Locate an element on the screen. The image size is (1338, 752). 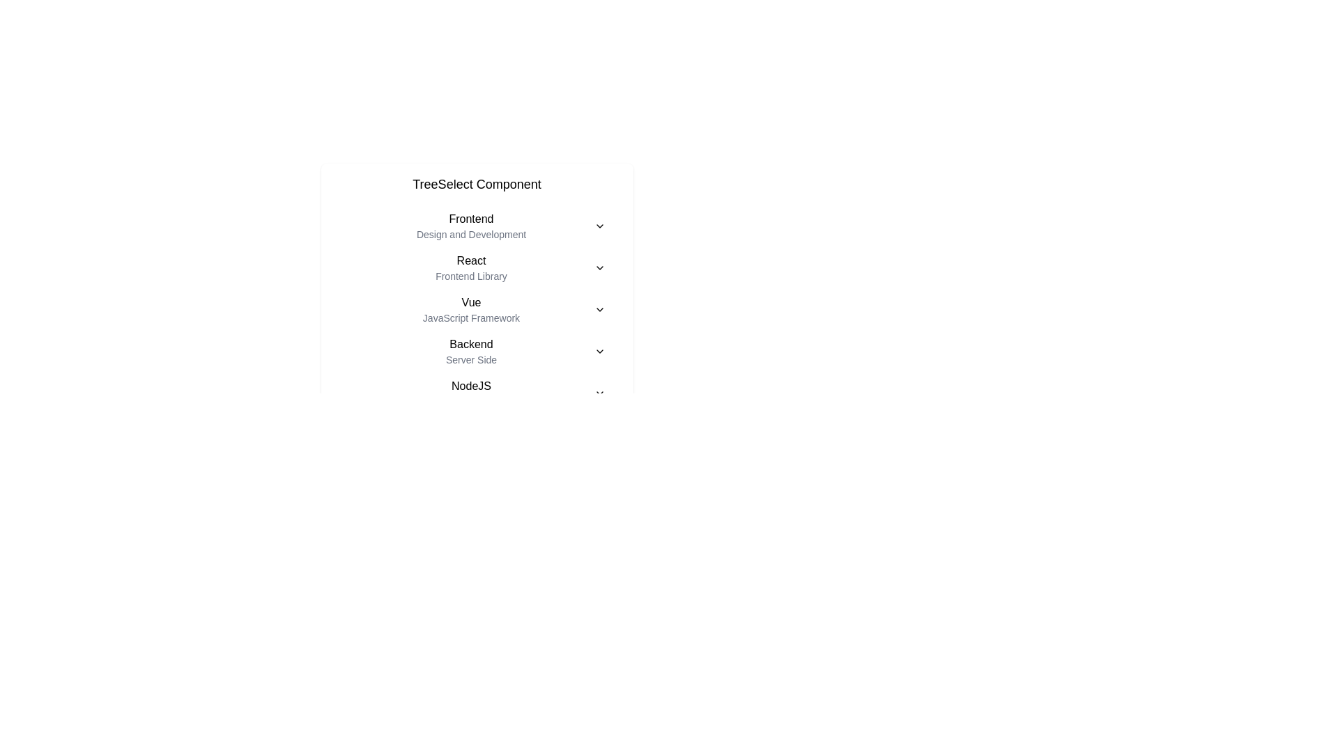
the Text Label that provides additional information about the 'Frontend' section, which is located directly under the 'Frontend' header in a tree-like interface is located at coordinates (471, 233).